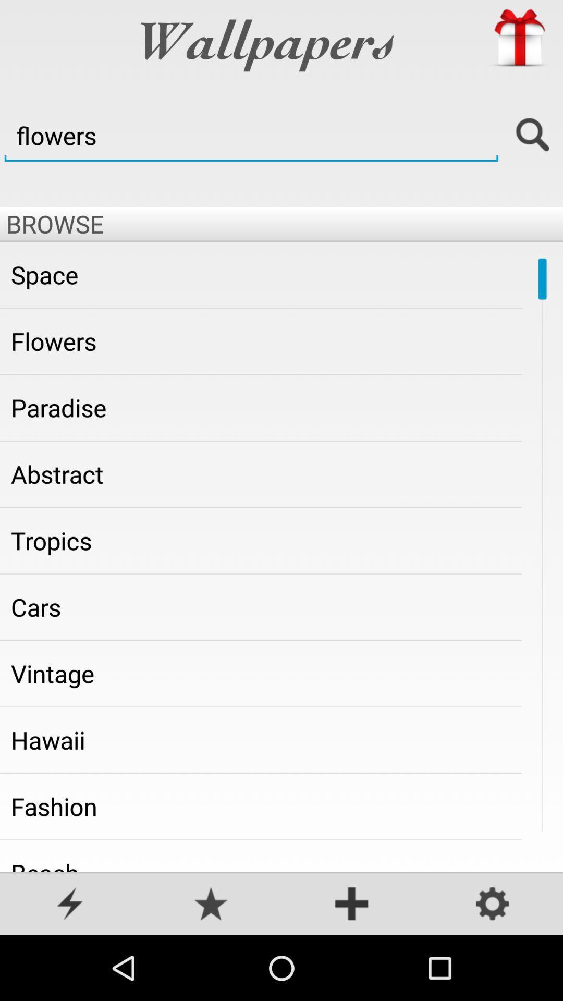 This screenshot has height=1001, width=563. What do you see at coordinates (70, 905) in the screenshot?
I see `popular or hot wallpapers` at bounding box center [70, 905].